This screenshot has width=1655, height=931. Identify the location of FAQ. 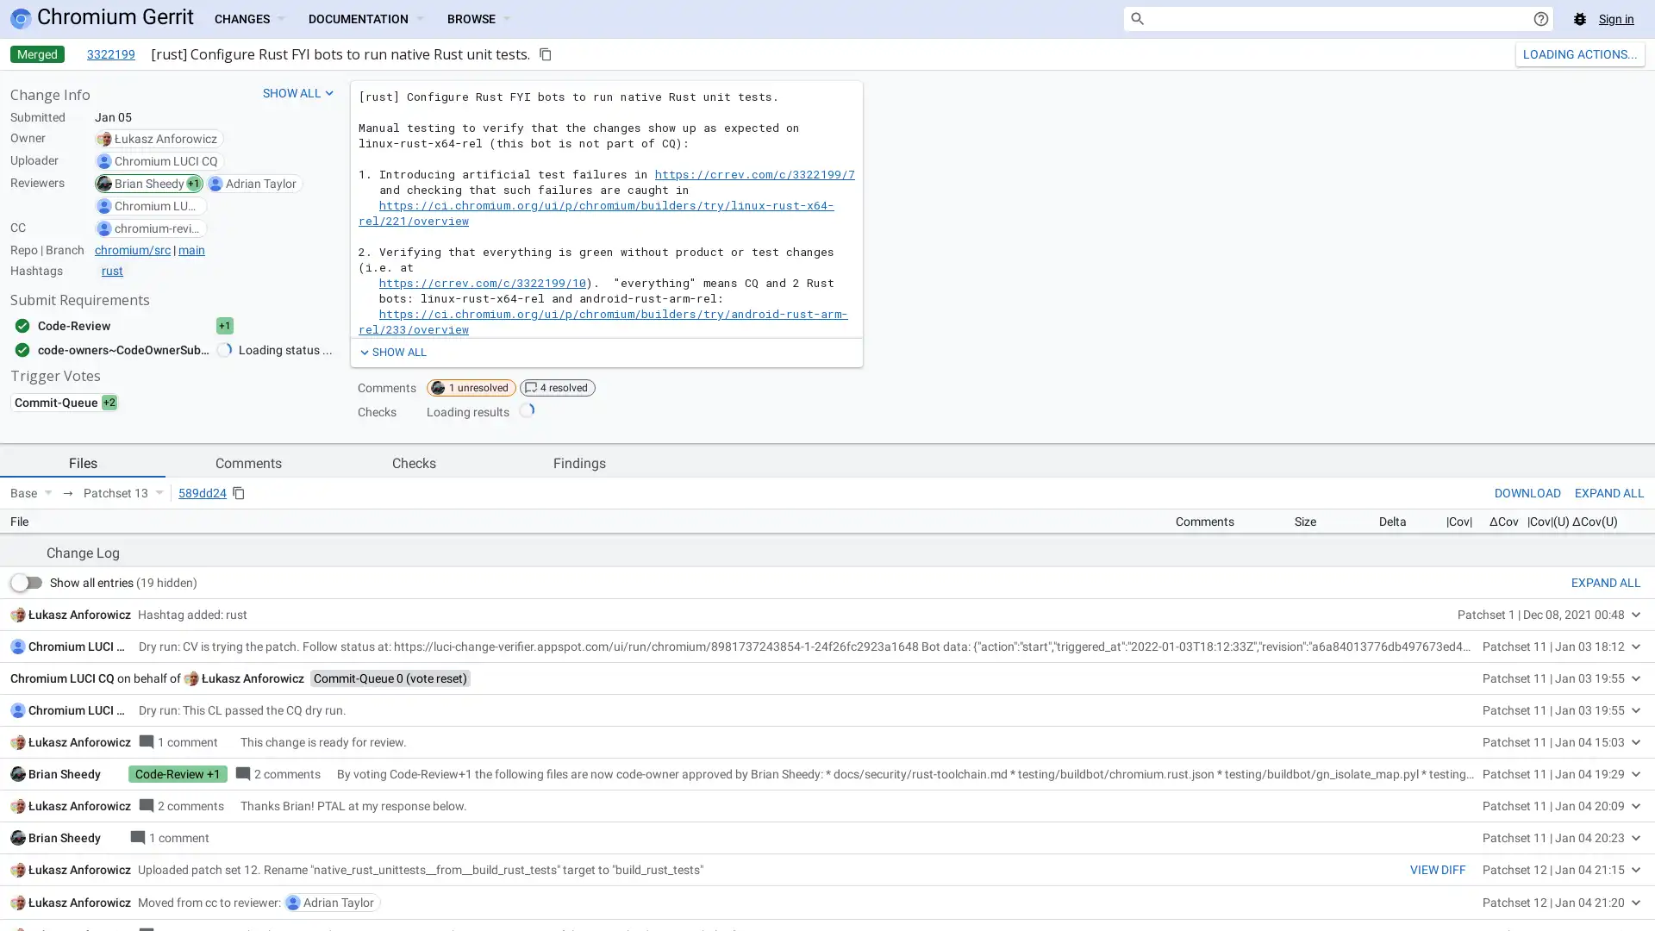
(1557, 750).